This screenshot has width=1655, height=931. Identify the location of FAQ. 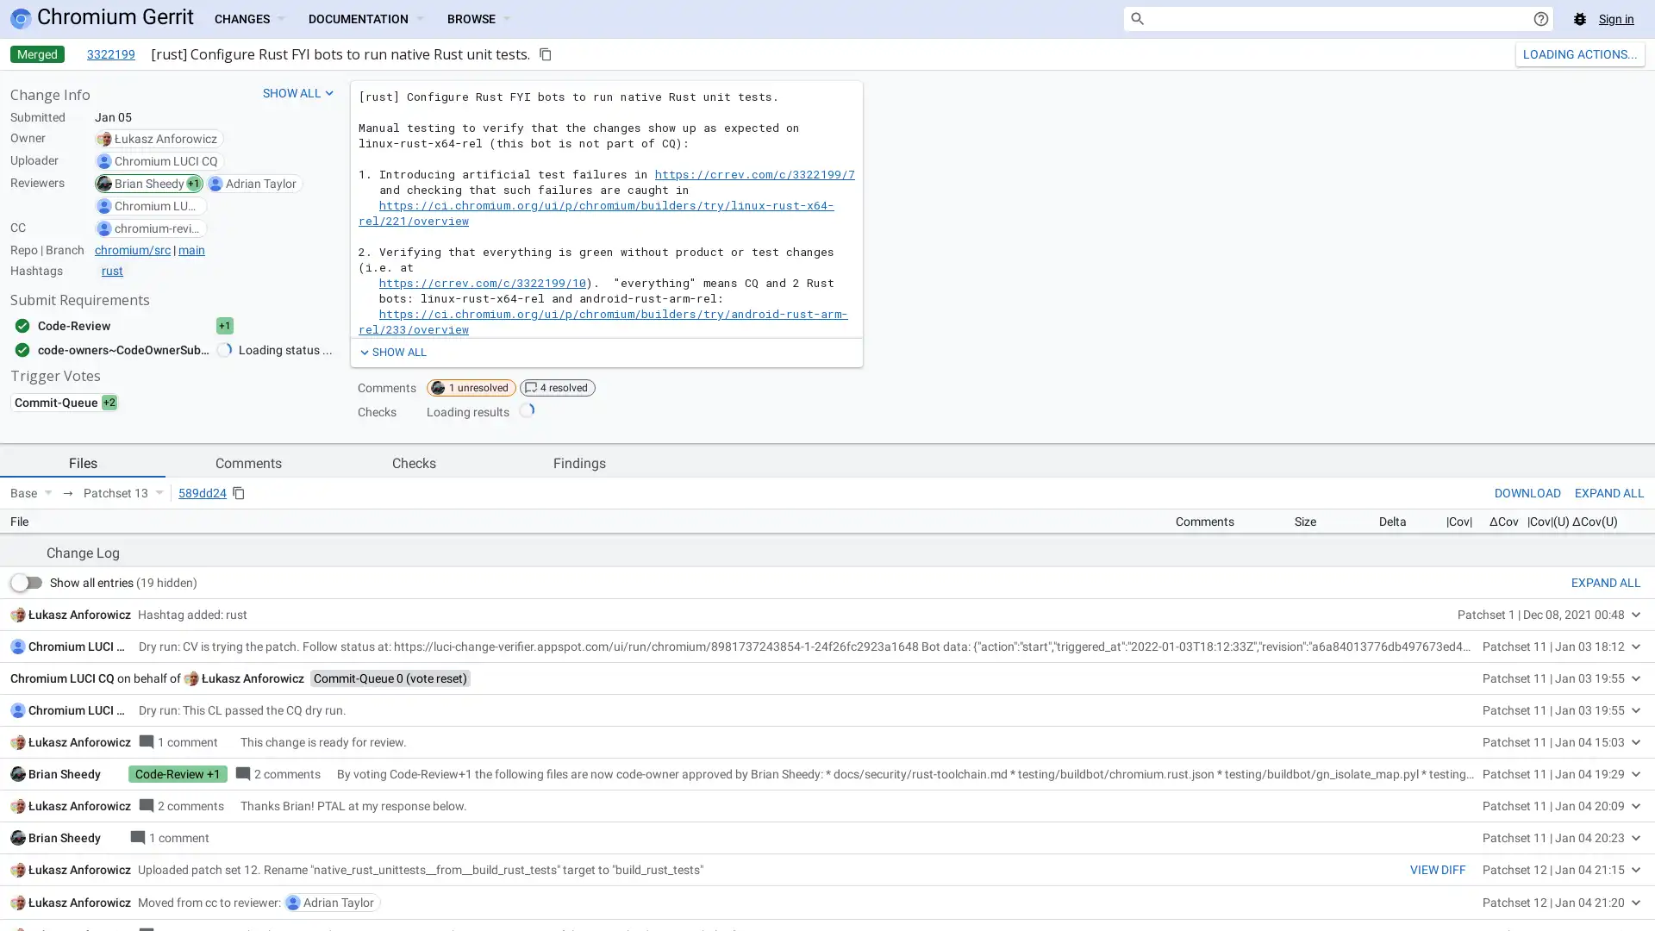
(1557, 750).